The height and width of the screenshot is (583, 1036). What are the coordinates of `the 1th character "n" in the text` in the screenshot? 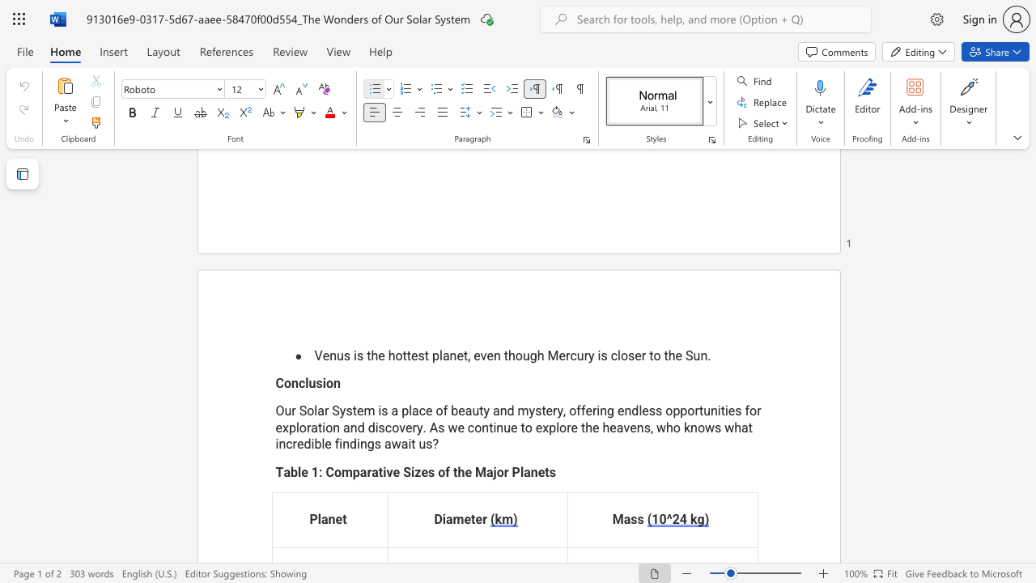 It's located at (332, 355).